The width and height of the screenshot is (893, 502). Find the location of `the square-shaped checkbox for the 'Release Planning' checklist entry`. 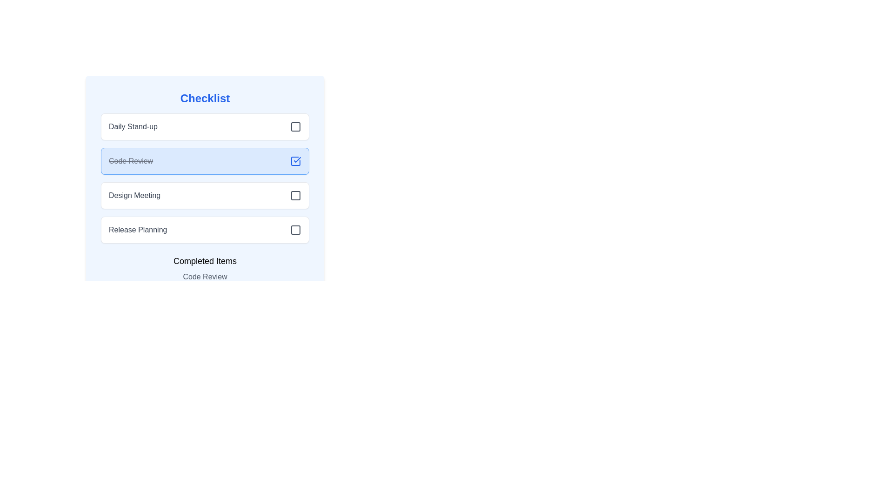

the square-shaped checkbox for the 'Release Planning' checklist entry is located at coordinates (295, 230).